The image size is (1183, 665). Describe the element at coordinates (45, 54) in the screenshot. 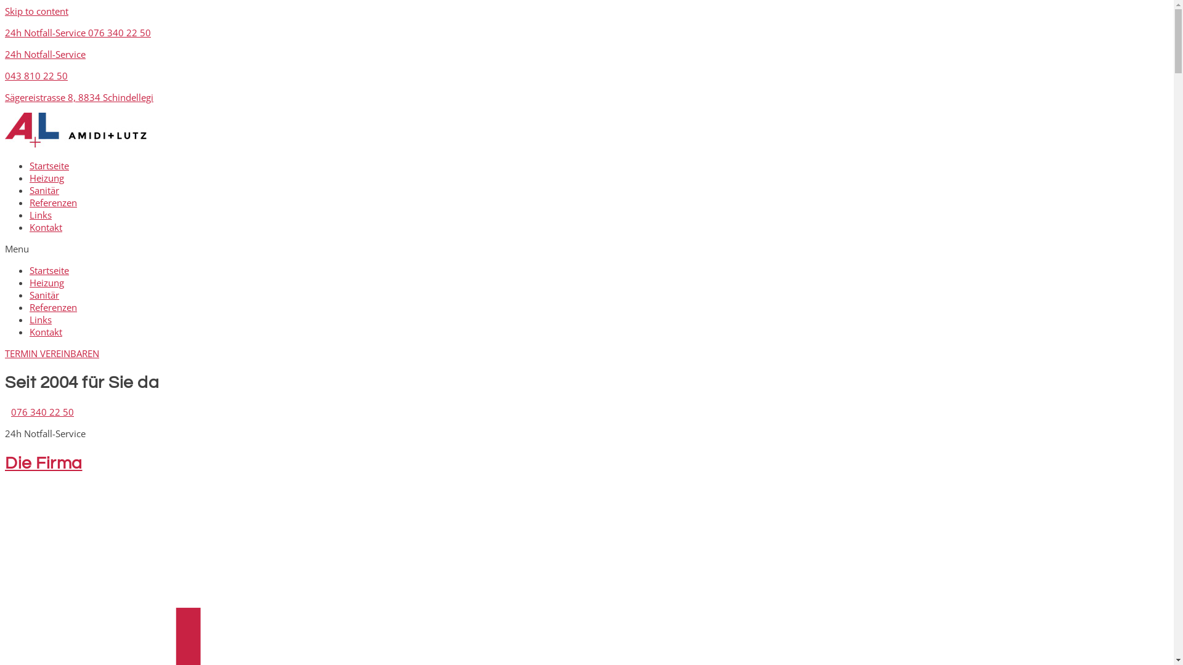

I see `'24h Notfall-Service'` at that location.